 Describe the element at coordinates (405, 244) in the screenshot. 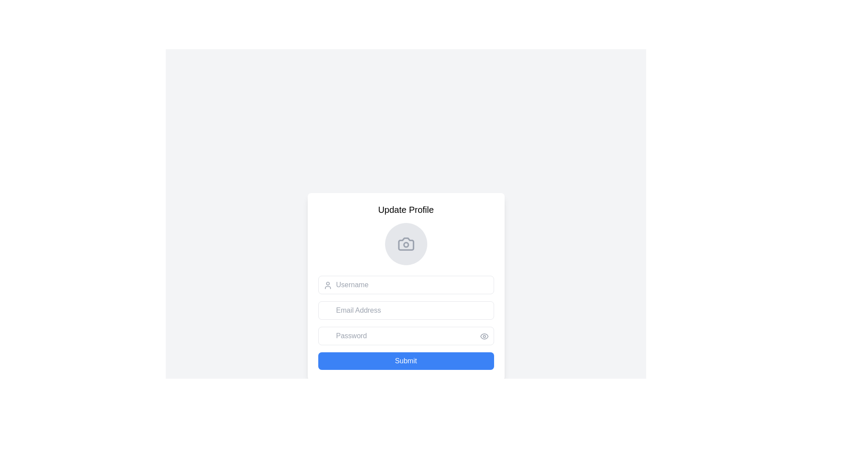

I see `the camera icon located at the center of the circular profile picture placeholder above the input fields for Username, Email Address, and Password` at that location.